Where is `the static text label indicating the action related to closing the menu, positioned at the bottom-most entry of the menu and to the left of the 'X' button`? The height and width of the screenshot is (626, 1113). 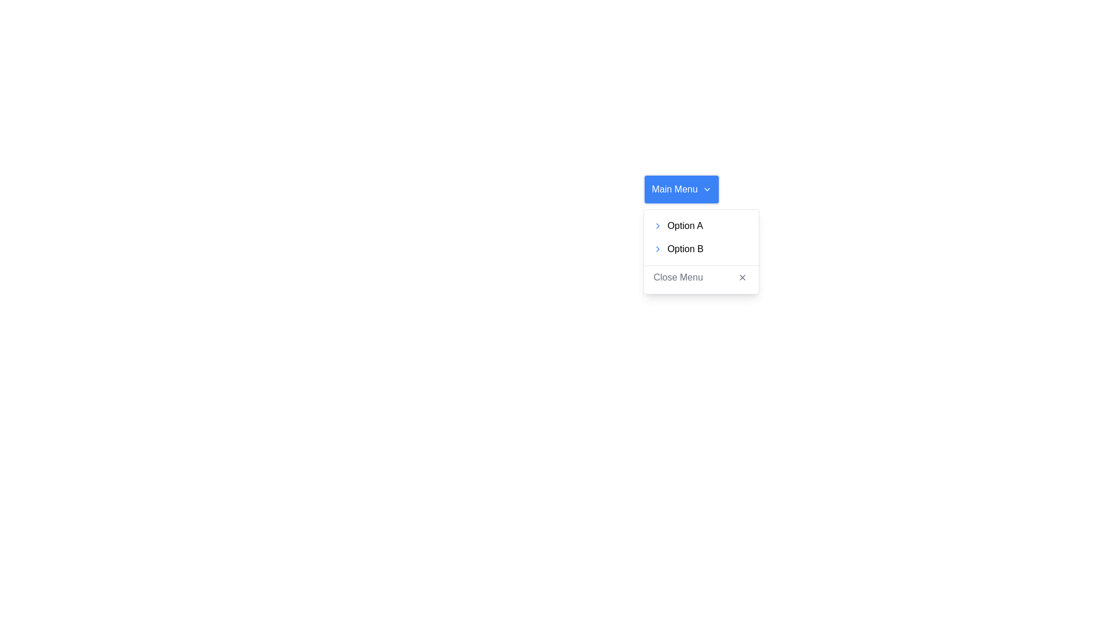 the static text label indicating the action related to closing the menu, positioned at the bottom-most entry of the menu and to the left of the 'X' button is located at coordinates (678, 277).